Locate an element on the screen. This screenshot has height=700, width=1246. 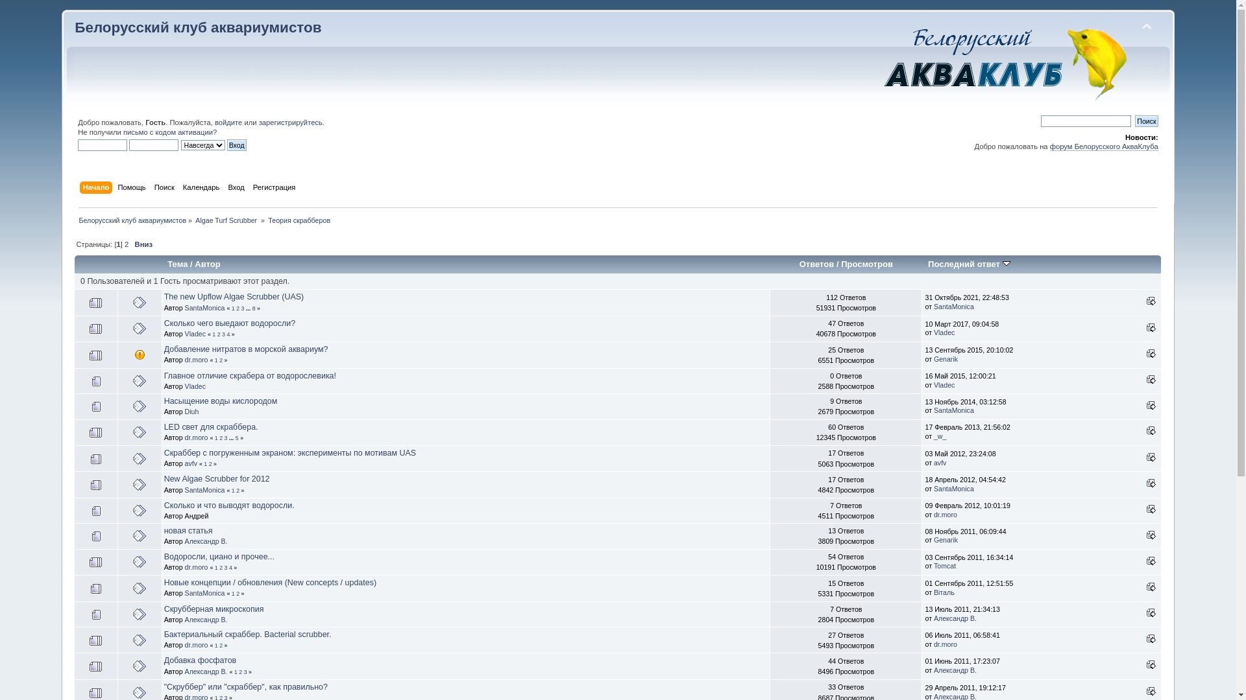
'dr.moro' is located at coordinates (195, 437).